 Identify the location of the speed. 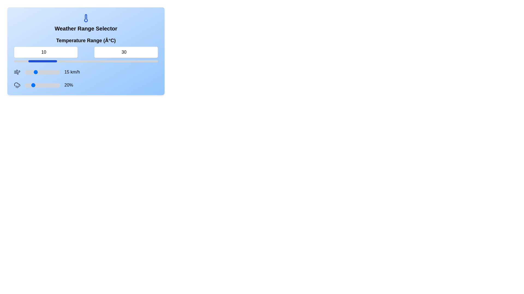
(48, 72).